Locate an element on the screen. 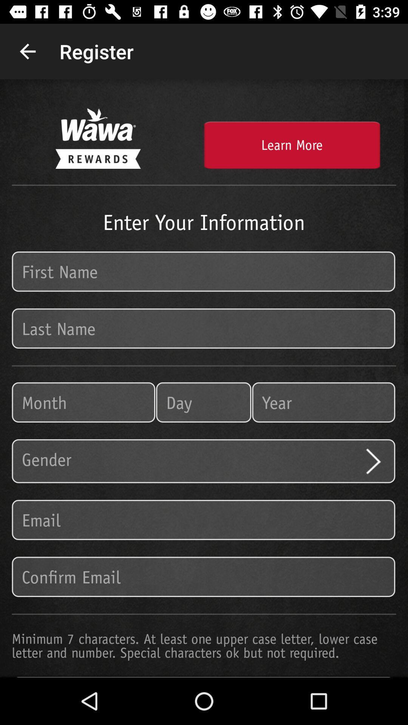  item at the top right corner is located at coordinates (291, 145).